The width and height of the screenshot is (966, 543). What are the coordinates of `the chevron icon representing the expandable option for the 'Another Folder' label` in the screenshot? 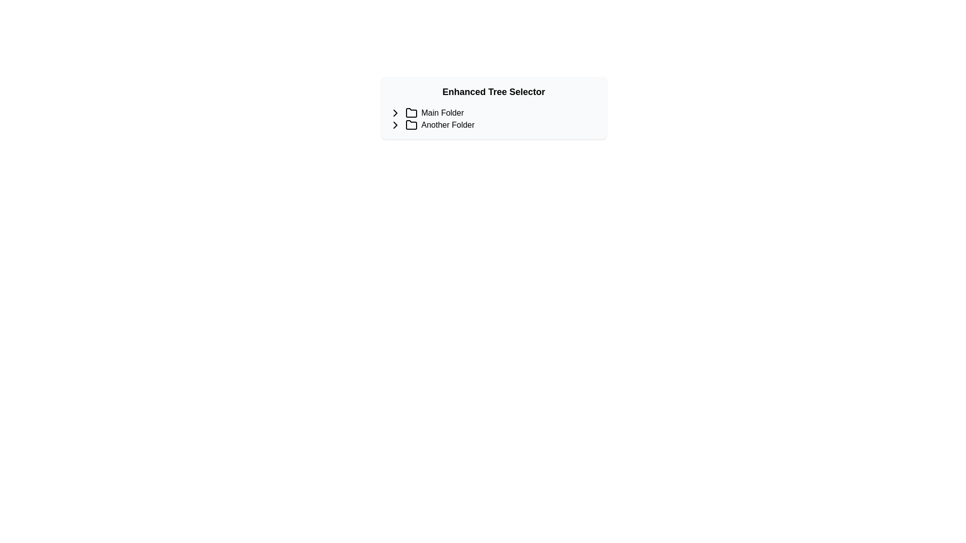 It's located at (394, 125).